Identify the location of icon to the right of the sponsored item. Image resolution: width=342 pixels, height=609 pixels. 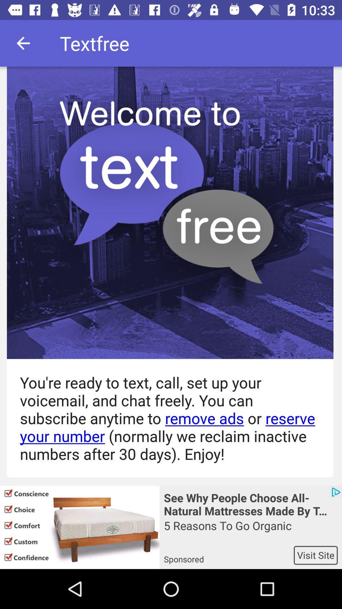
(316, 555).